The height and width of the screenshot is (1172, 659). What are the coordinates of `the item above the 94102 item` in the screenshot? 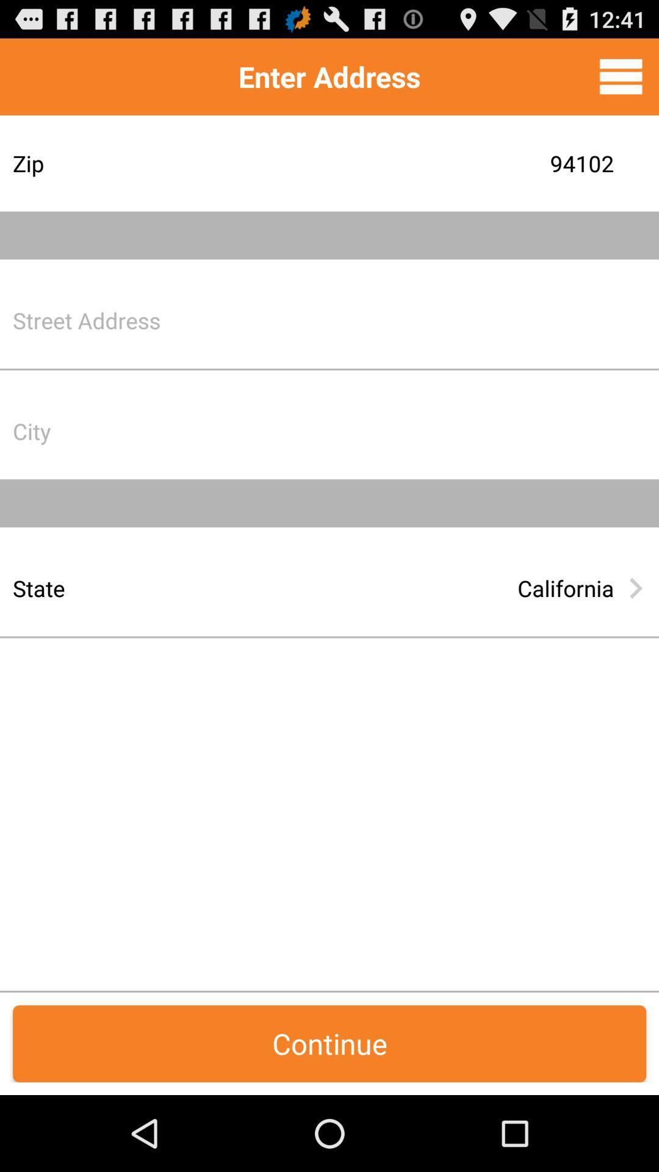 It's located at (621, 76).